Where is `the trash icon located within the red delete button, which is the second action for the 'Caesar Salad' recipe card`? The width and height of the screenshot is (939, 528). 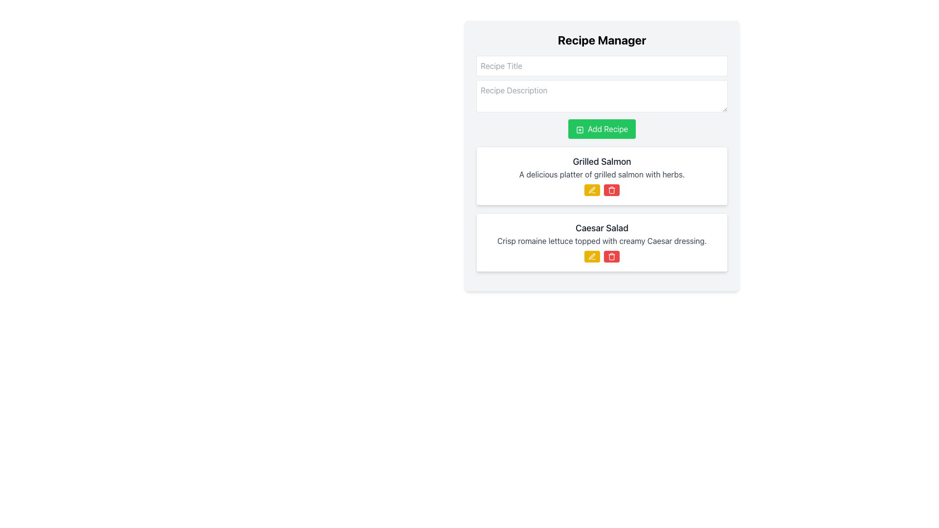
the trash icon located within the red delete button, which is the second action for the 'Caesar Salad' recipe card is located at coordinates (611, 256).